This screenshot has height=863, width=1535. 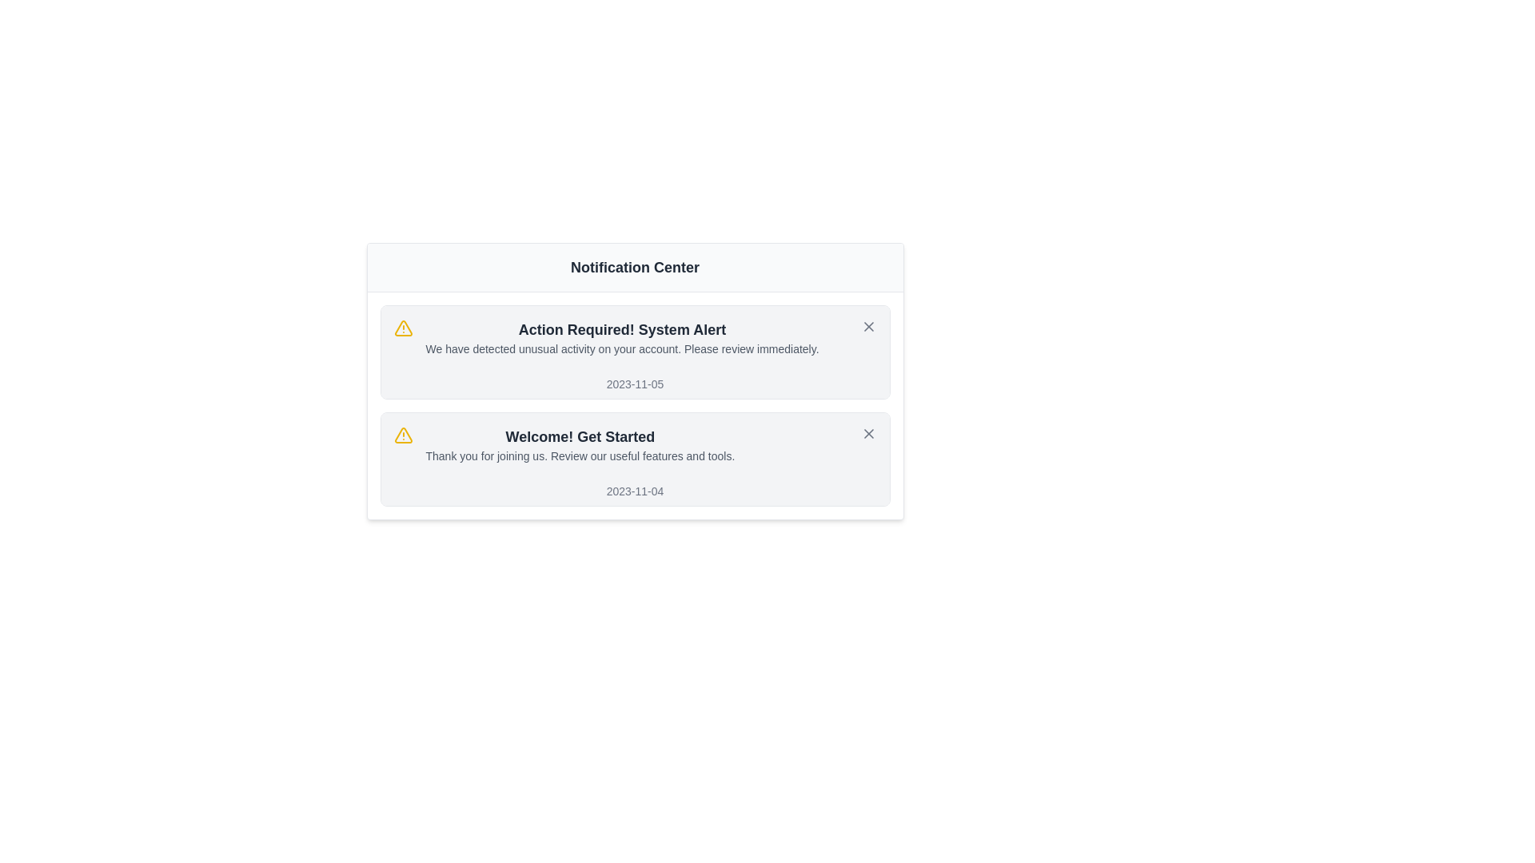 I want to click on text from the header that indicates the section contains notifications, located at the top of the white card, so click(x=634, y=267).